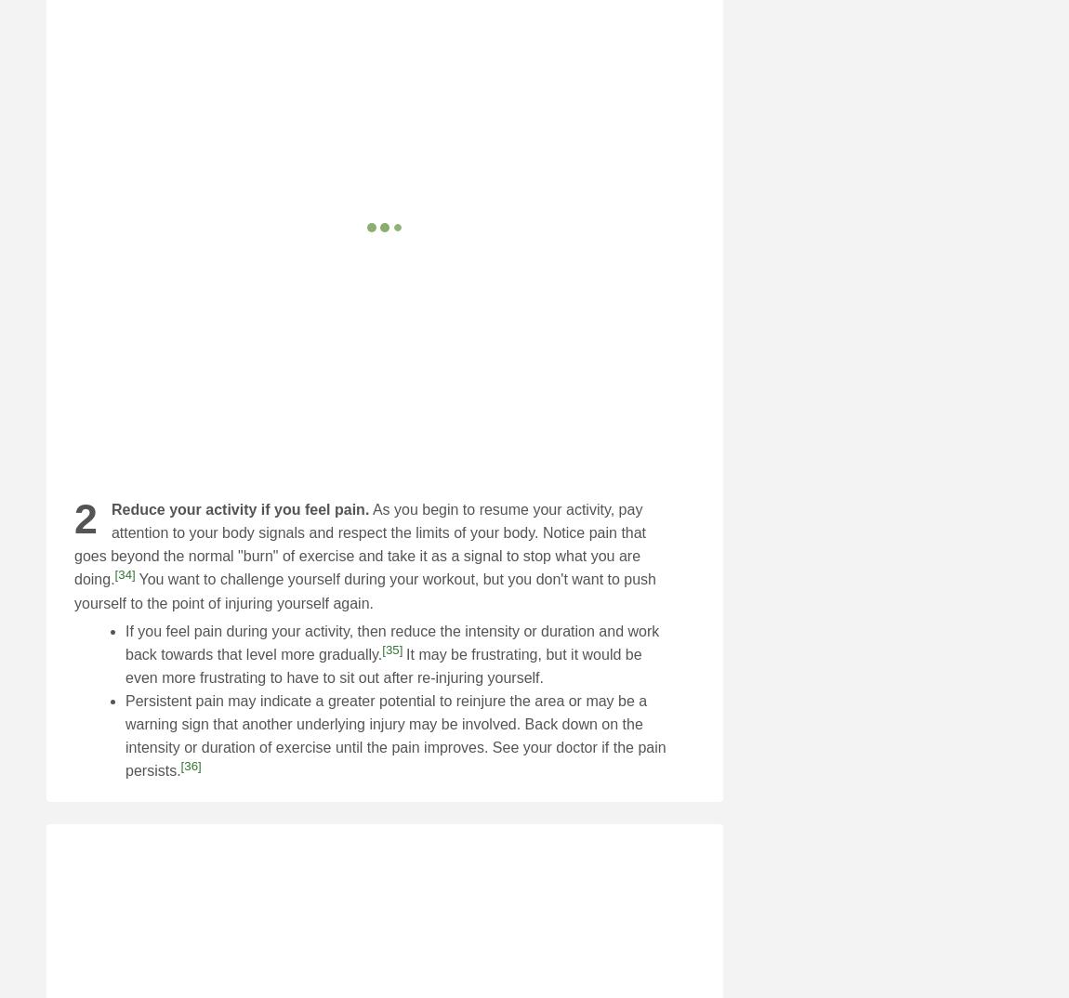 The image size is (1069, 998). I want to click on 'As you begin to resume your activity, pay attention to your body signals and respect the limits of your body. Notice pain that goes beyond the normal "burn" of exercise and take it as a signal to stop what you are doing.', so click(360, 543).